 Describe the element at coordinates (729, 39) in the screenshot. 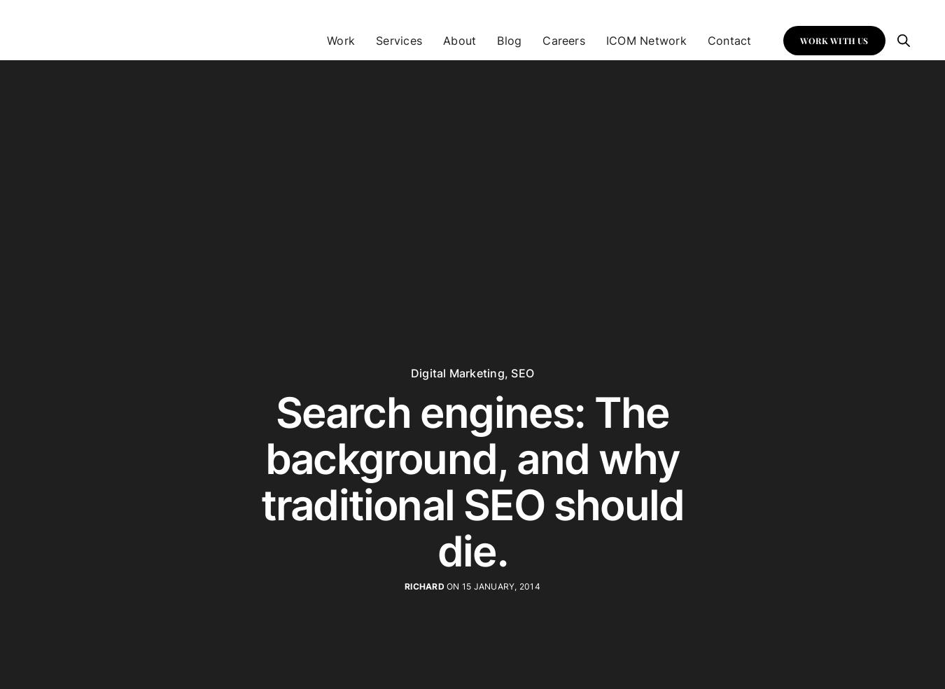

I see `'Contact'` at that location.